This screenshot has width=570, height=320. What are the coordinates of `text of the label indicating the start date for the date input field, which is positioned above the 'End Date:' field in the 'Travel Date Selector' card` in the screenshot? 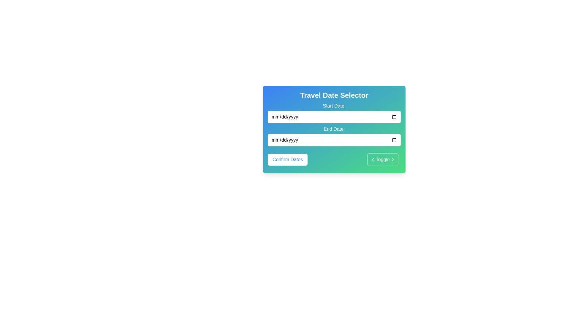 It's located at (334, 113).